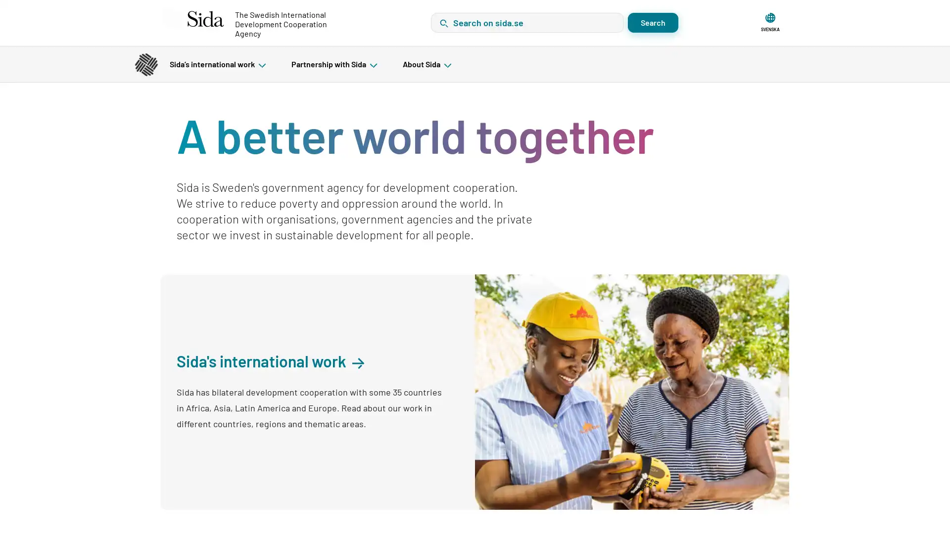 This screenshot has width=950, height=534. What do you see at coordinates (653, 22) in the screenshot?
I see `Search` at bounding box center [653, 22].